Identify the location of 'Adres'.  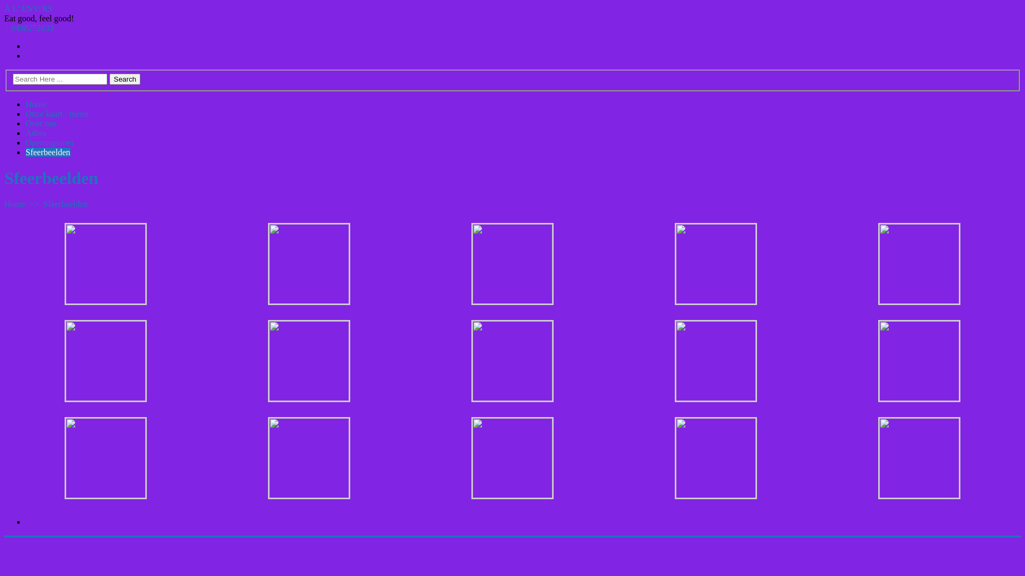
(36, 132).